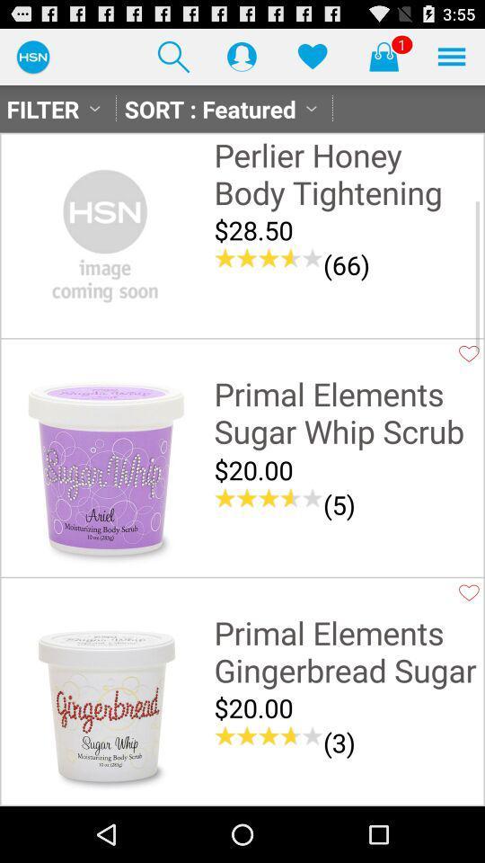 Image resolution: width=485 pixels, height=863 pixels. What do you see at coordinates (268, 257) in the screenshot?
I see `the item next to the (66) item` at bounding box center [268, 257].